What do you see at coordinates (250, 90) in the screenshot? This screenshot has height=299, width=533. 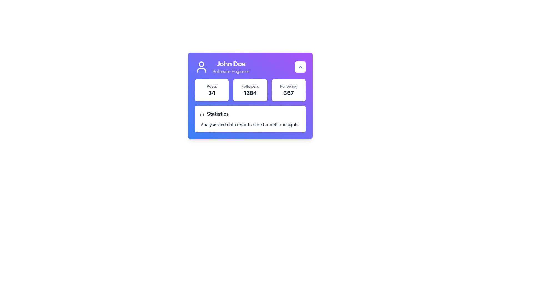 I see `the Statistical Display Card that shows the number of followers, which is centrally located in a grid of three cards, positioned between the 'Posts' and 'Following' cards` at bounding box center [250, 90].